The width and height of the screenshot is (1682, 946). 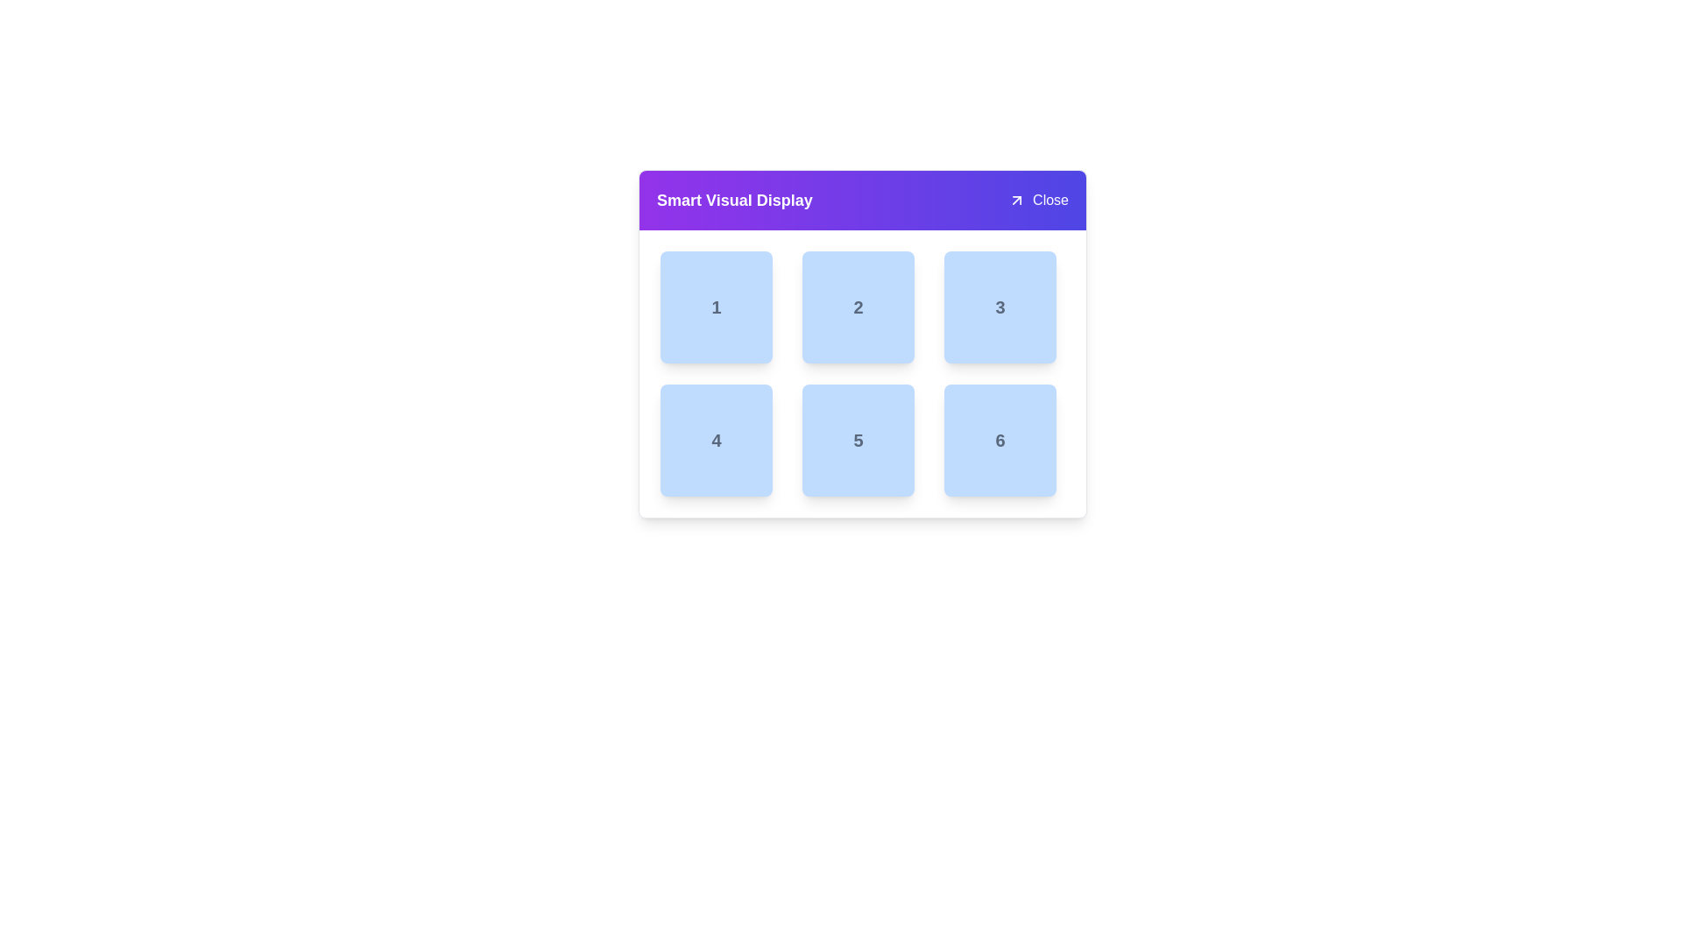 What do you see at coordinates (858, 439) in the screenshot?
I see `value of the bold gray number '5' located in the center of the rounded blue box in the bottom row, middle column of a grid of six boxes` at bounding box center [858, 439].